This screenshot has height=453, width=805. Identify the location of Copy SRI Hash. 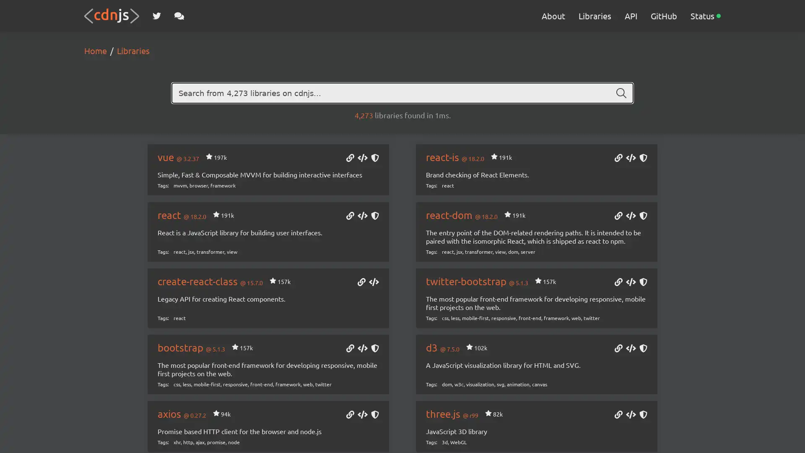
(643, 159).